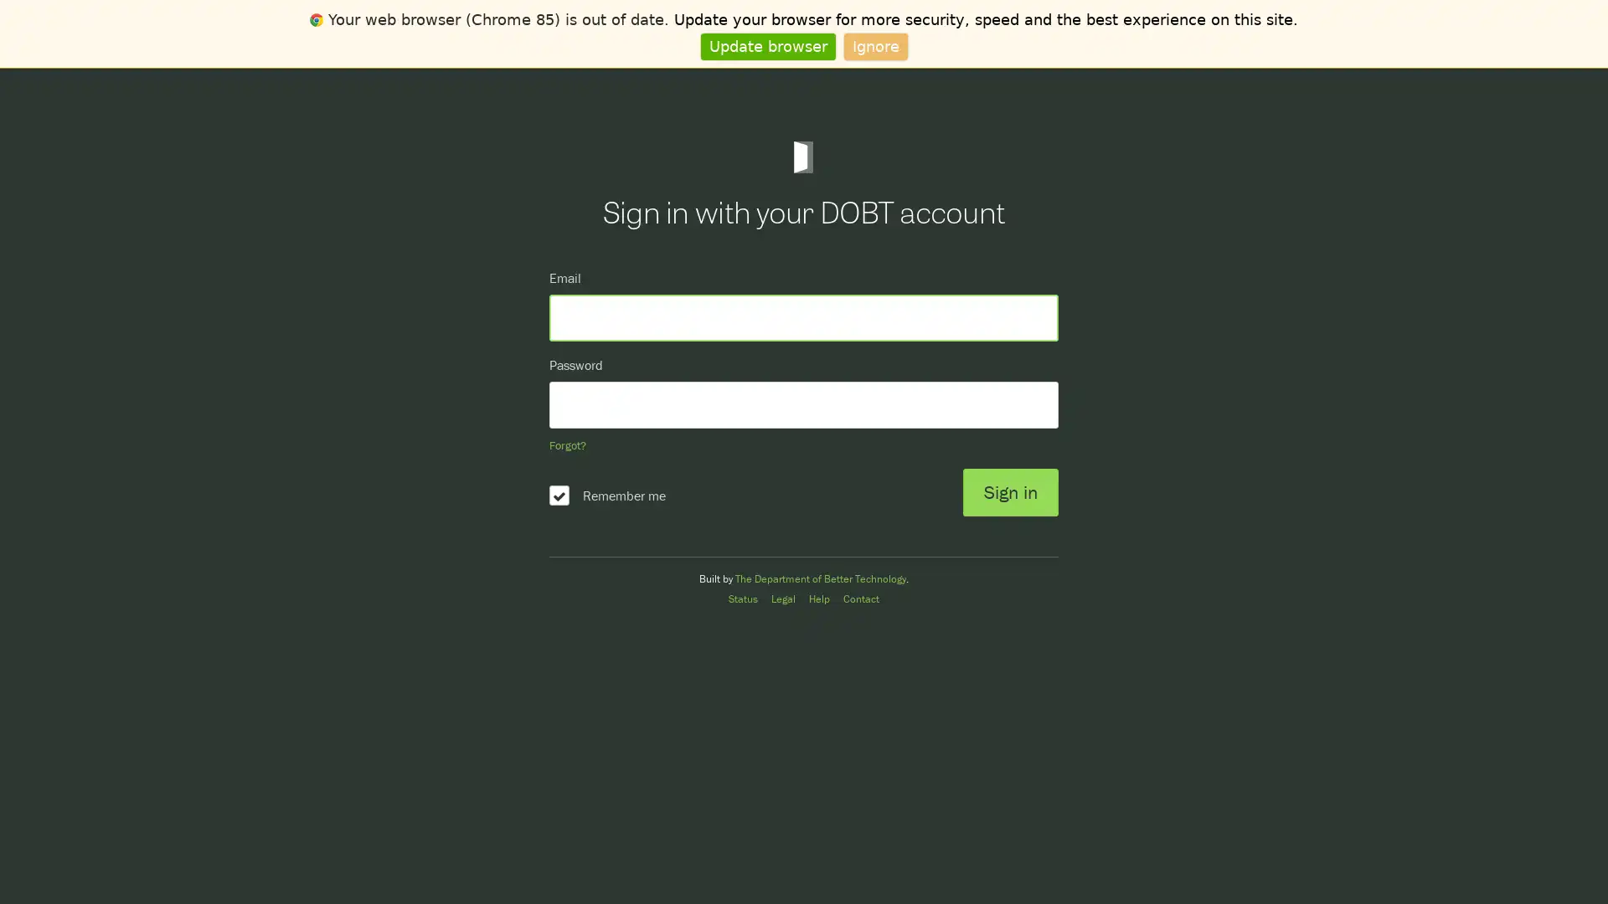  Describe the element at coordinates (874, 45) in the screenshot. I see `Ignore` at that location.